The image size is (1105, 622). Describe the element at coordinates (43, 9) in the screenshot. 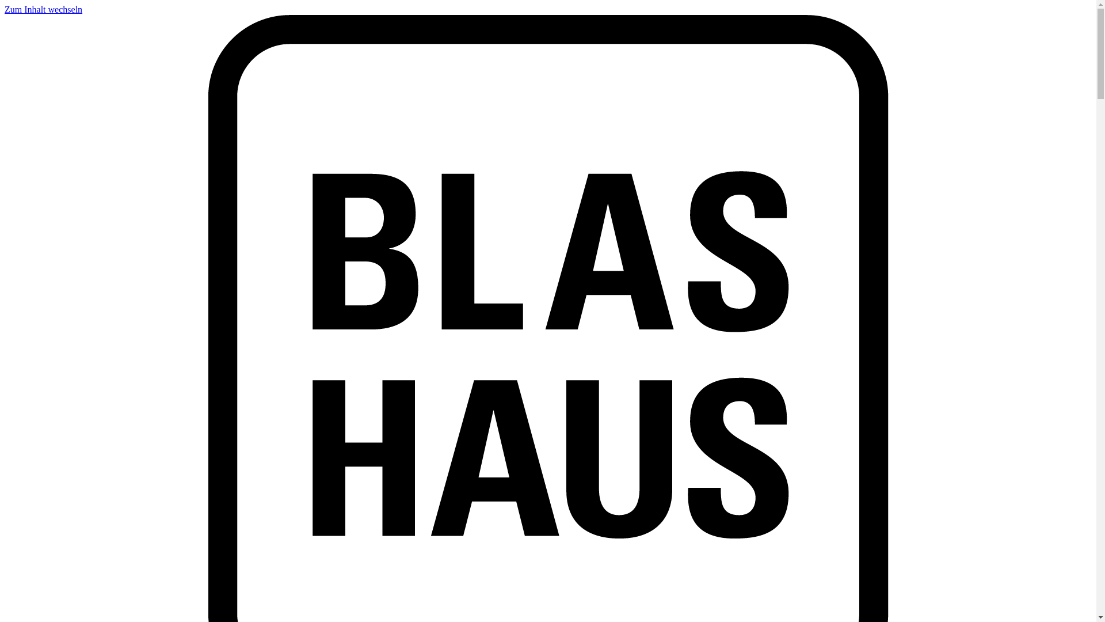

I see `'Zum Inhalt wechseln'` at that location.